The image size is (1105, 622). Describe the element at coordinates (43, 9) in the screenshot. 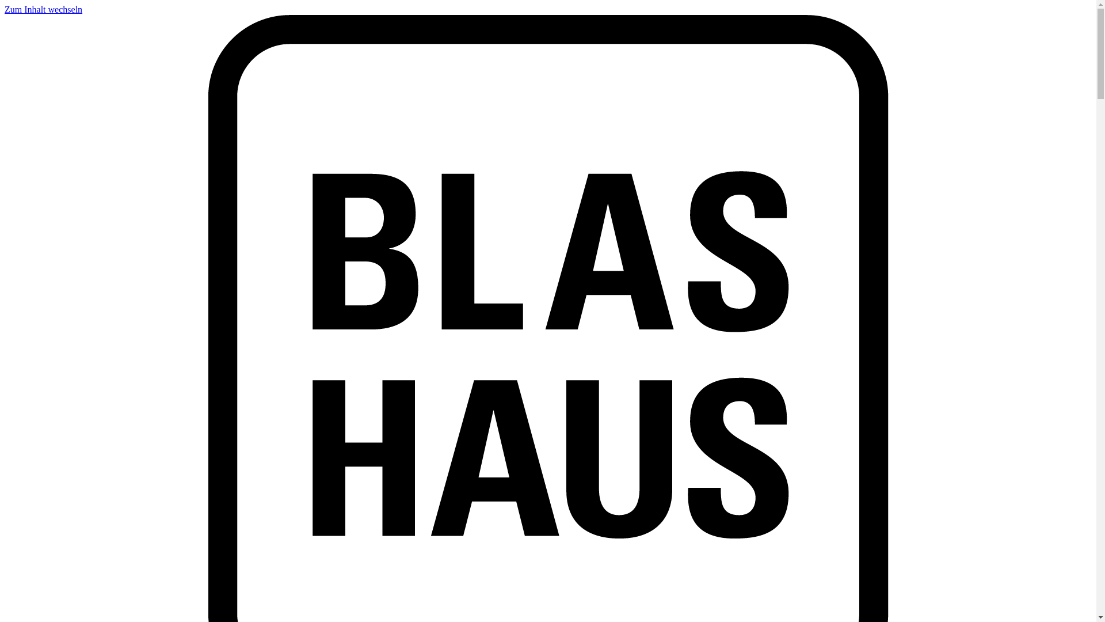

I see `'Zum Inhalt wechseln'` at that location.